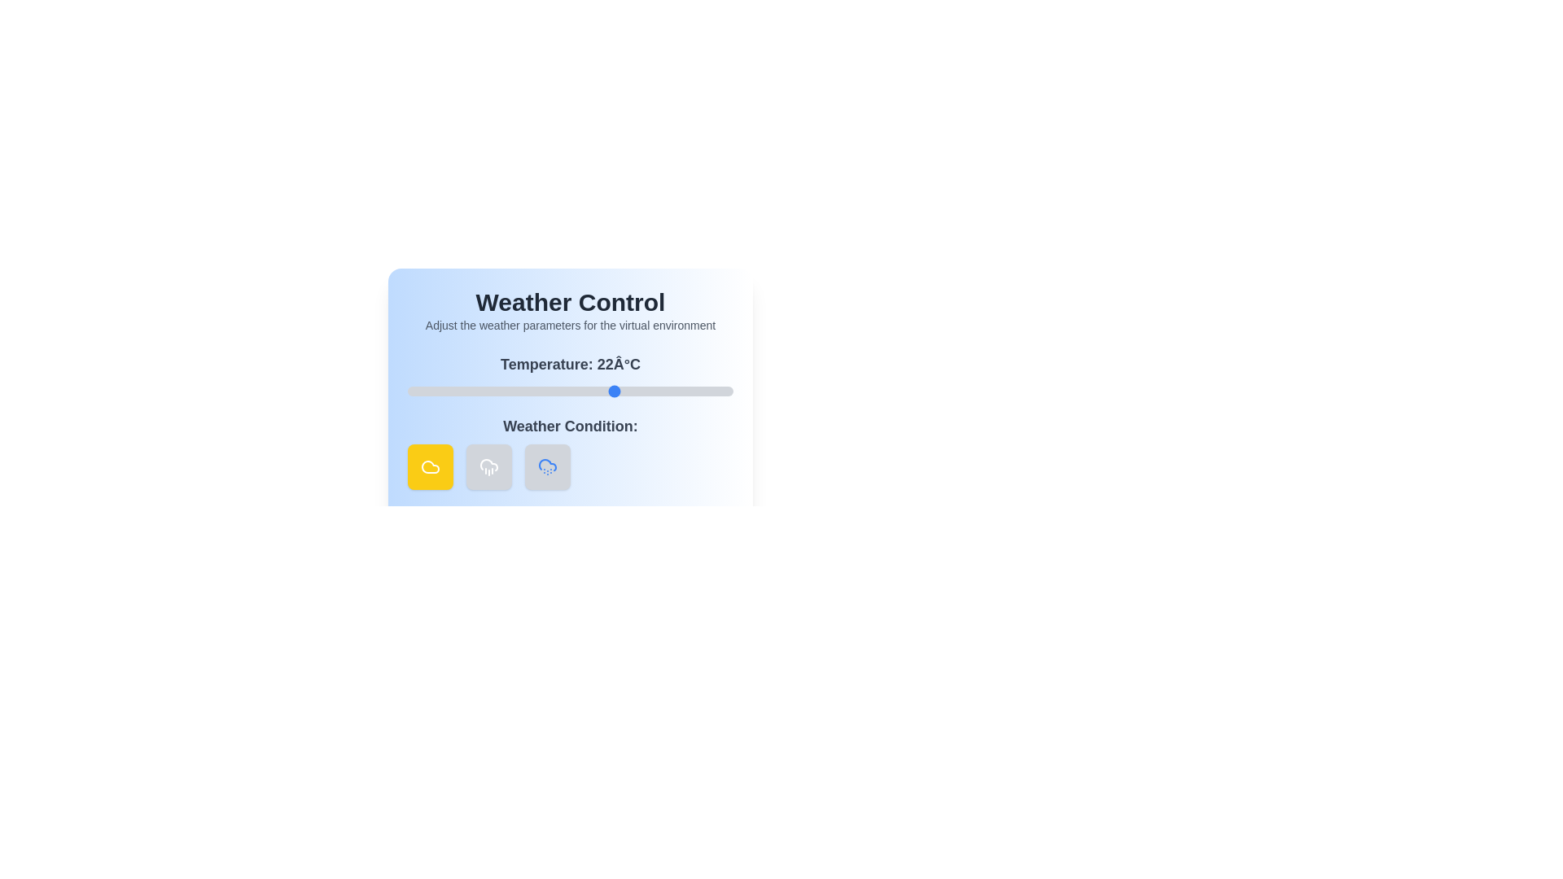  Describe the element at coordinates (446, 391) in the screenshot. I see `the temperature slider to -4 degrees` at that location.